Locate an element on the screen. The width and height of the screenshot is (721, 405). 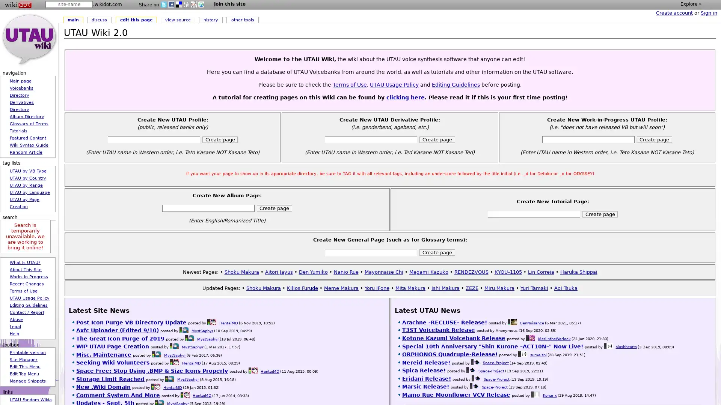
Create page is located at coordinates (654, 139).